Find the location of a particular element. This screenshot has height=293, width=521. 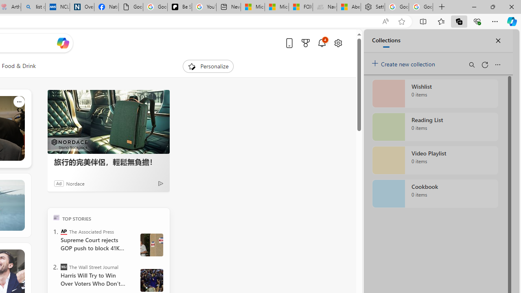

'The Associated Press' is located at coordinates (63, 231).